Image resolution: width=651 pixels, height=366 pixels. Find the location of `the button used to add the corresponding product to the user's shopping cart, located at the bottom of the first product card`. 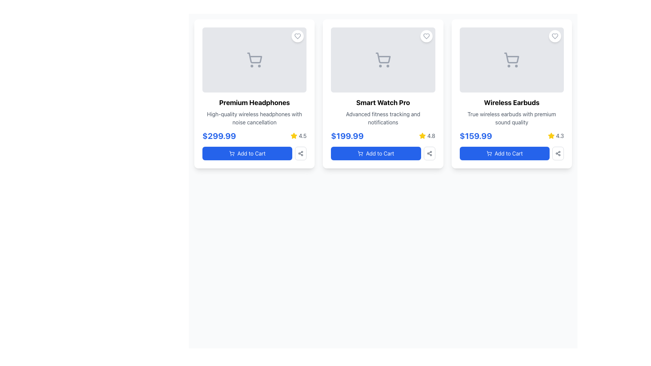

the button used to add the corresponding product to the user's shopping cart, located at the bottom of the first product card is located at coordinates (247, 153).